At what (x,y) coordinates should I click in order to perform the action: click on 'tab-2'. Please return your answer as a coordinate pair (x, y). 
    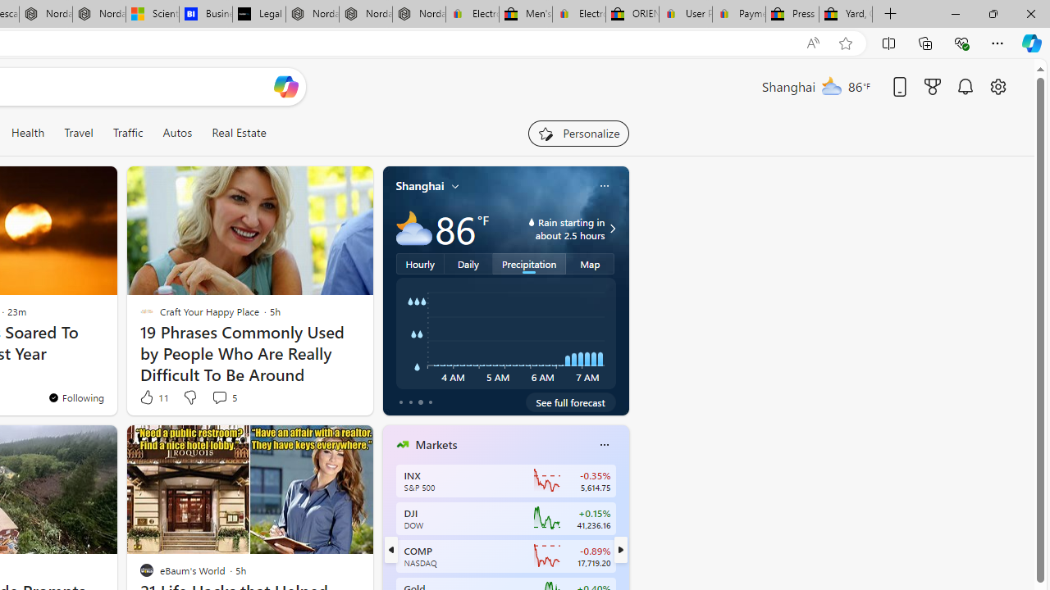
    Looking at the image, I should click on (420, 402).